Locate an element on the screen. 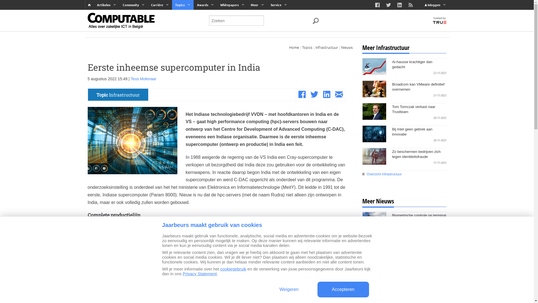 This screenshot has width=538, height=303. 'Nieuws' is located at coordinates (346, 47).